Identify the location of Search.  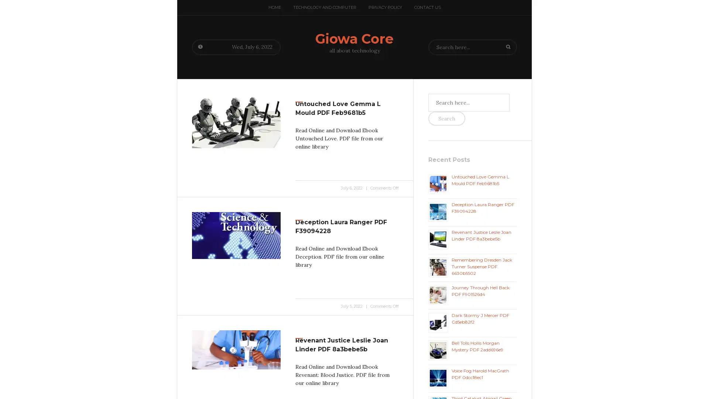
(446, 118).